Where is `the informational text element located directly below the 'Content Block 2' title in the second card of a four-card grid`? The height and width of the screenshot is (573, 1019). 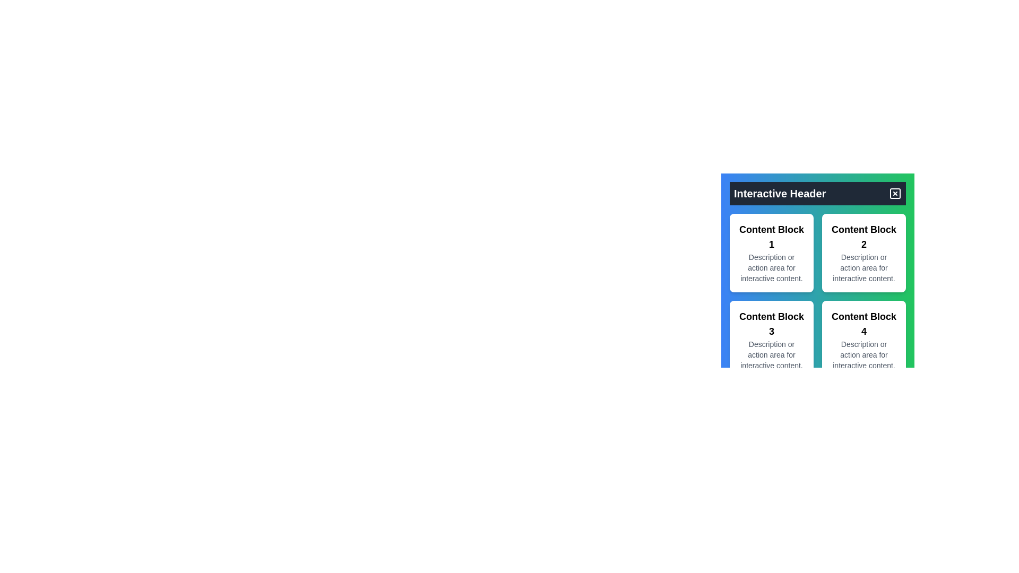
the informational text element located directly below the 'Content Block 2' title in the second card of a four-card grid is located at coordinates (863, 267).